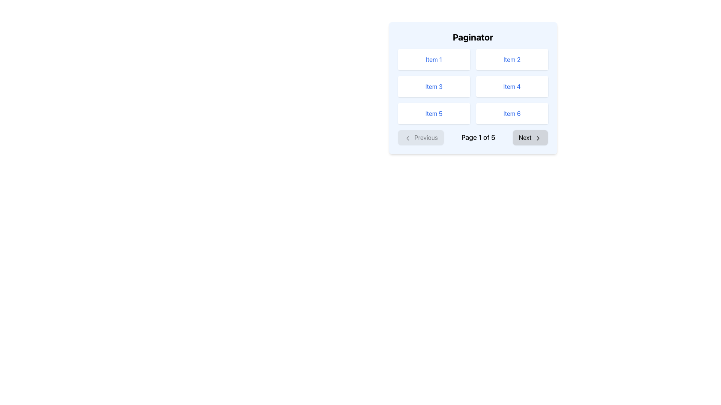  I want to click on the selectable card located in the fifth position of a grid layout, so click(434, 114).